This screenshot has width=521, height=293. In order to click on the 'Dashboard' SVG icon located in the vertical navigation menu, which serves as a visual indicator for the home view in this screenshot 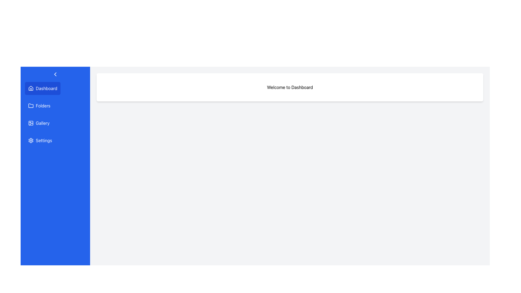, I will do `click(31, 88)`.